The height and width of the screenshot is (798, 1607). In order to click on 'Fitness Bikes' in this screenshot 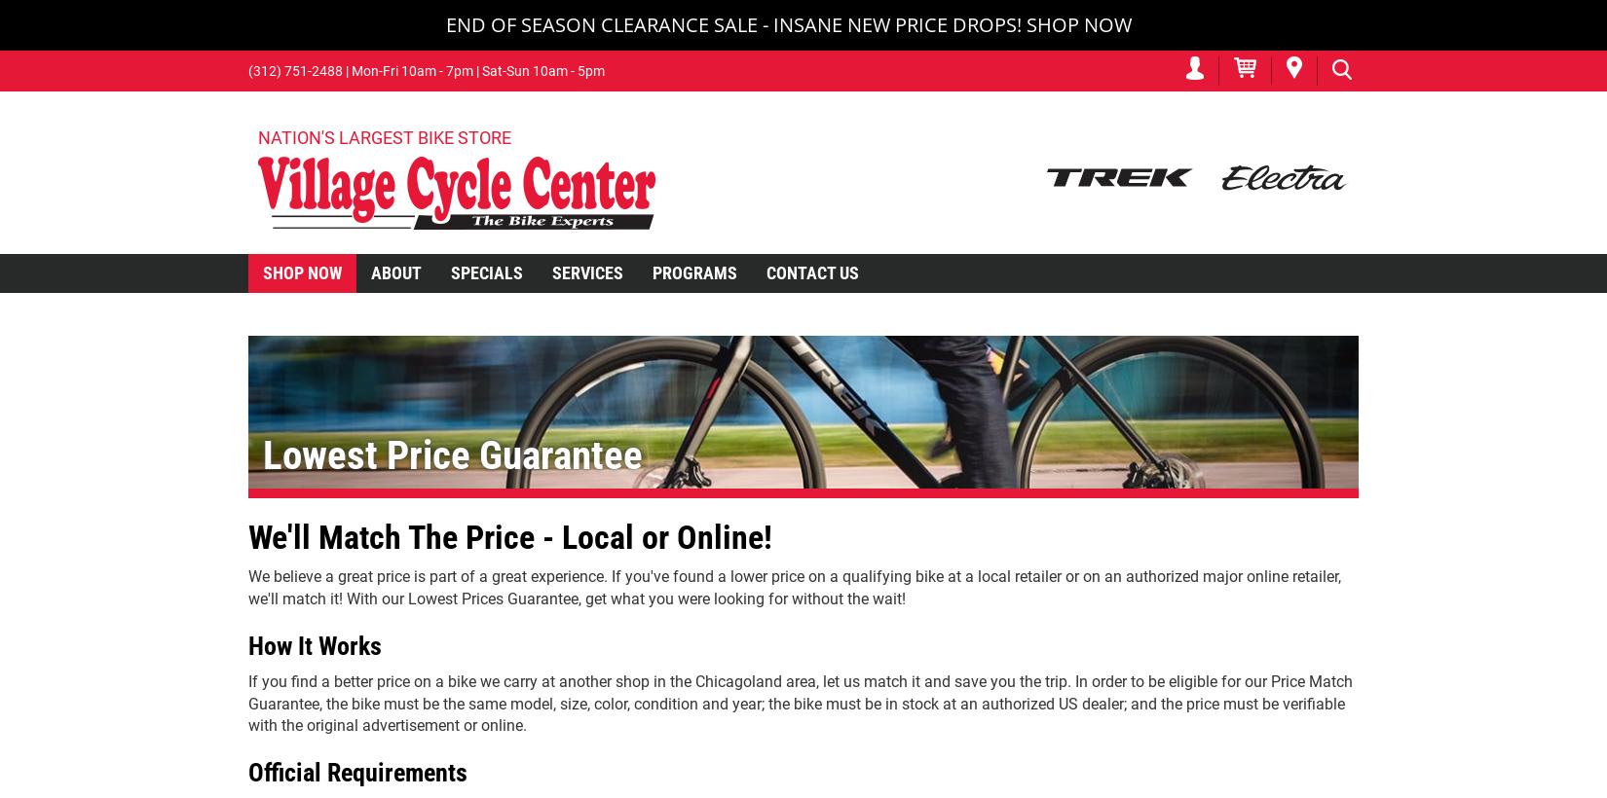, I will do `click(254, 558)`.